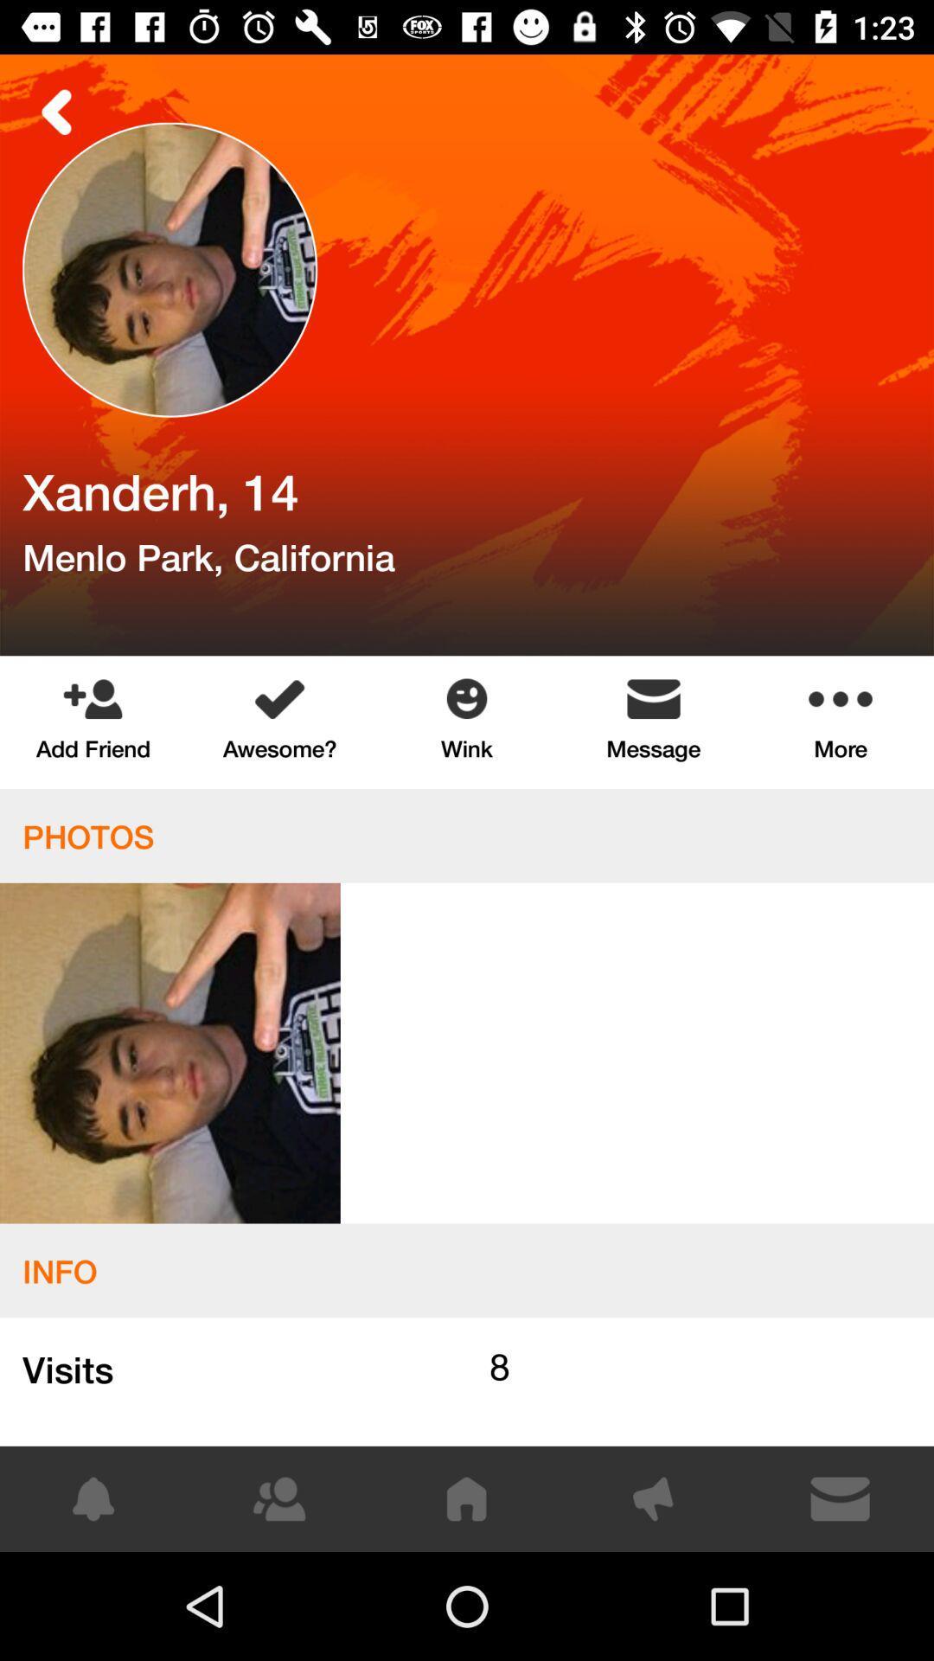 This screenshot has height=1661, width=934. I want to click on the arrow_backward icon, so click(56, 111).